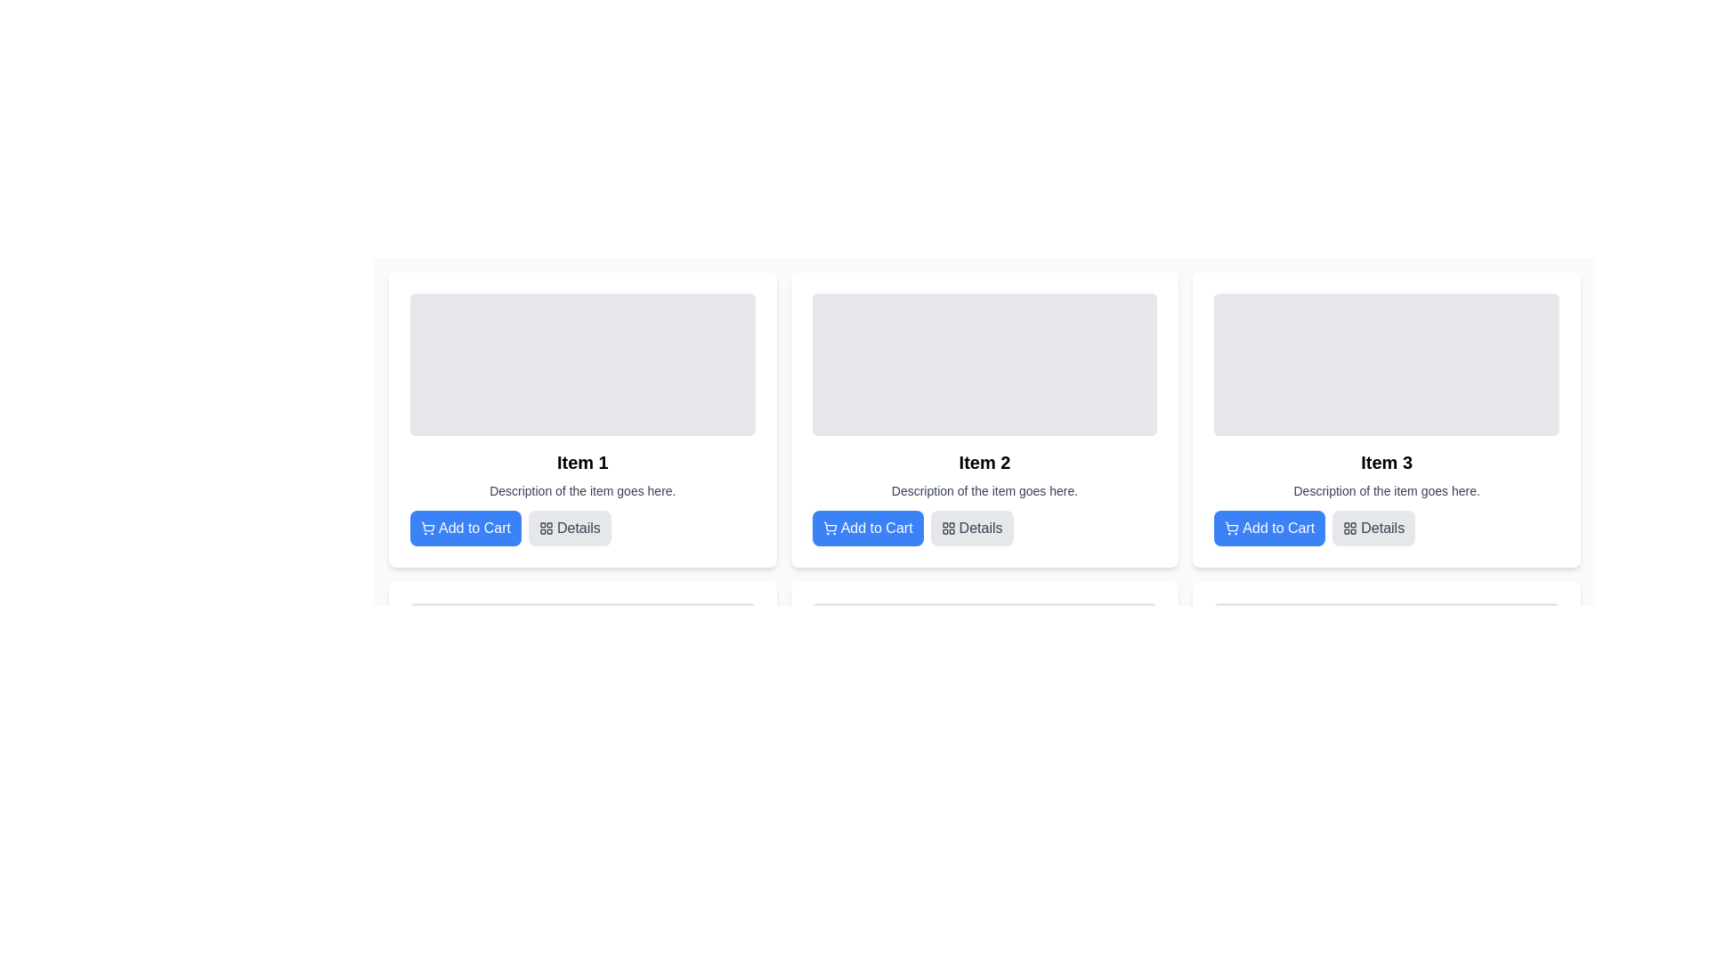 The height and width of the screenshot is (961, 1709). I want to click on the 'Details' button which contains the icon on the right side of the button's text in the third item card of the horizontal list, so click(1350, 528).